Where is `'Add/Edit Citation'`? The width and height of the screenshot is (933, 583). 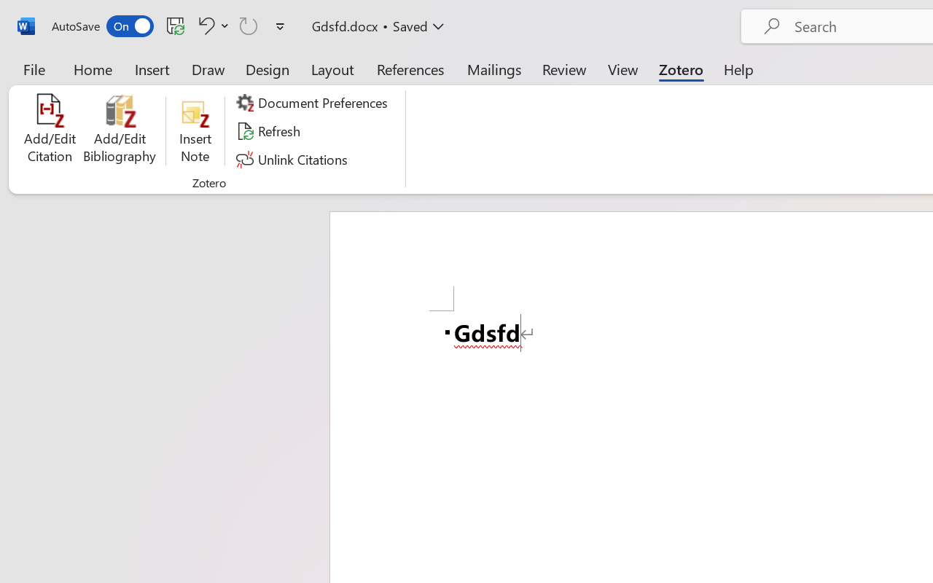 'Add/Edit Citation' is located at coordinates (50, 130).